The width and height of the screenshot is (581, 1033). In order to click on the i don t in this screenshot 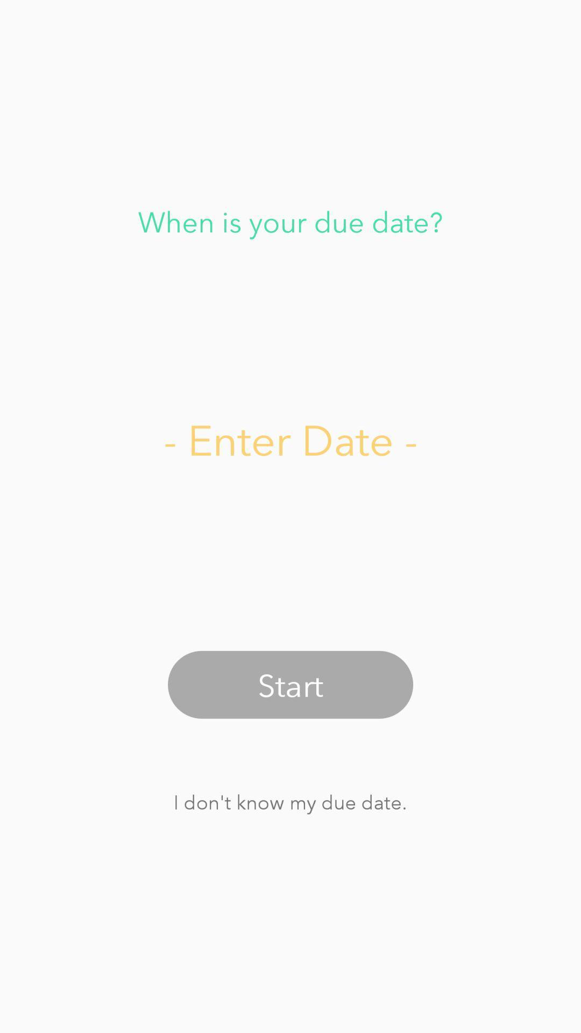, I will do `click(289, 802)`.